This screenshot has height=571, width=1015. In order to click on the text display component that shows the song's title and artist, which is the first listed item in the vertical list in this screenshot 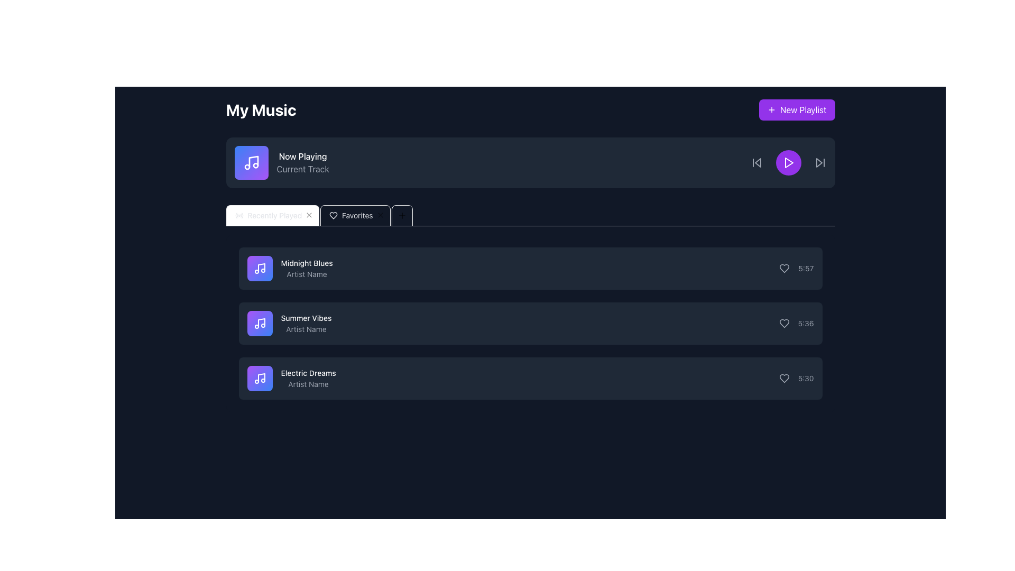, I will do `click(290, 268)`.